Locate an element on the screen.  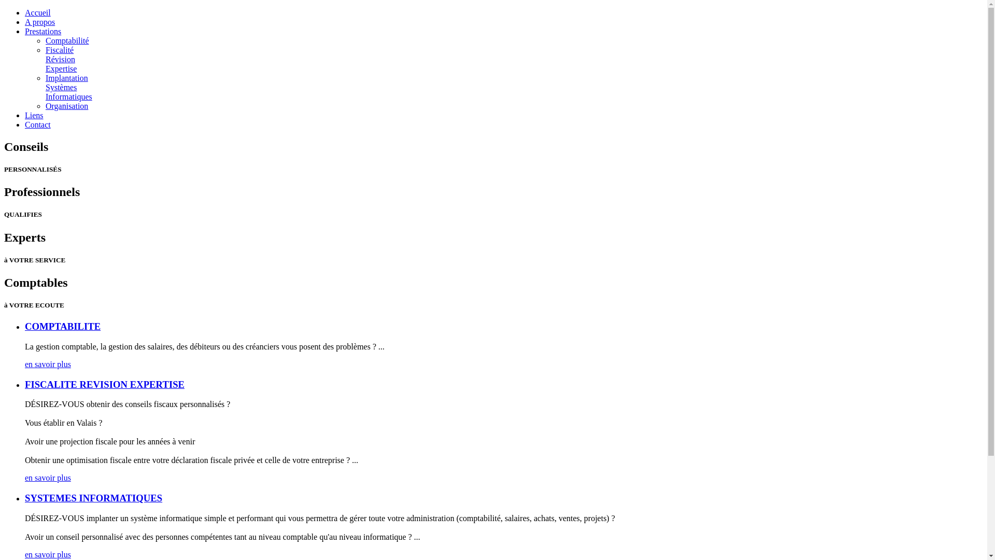
'Contact' is located at coordinates (37, 124).